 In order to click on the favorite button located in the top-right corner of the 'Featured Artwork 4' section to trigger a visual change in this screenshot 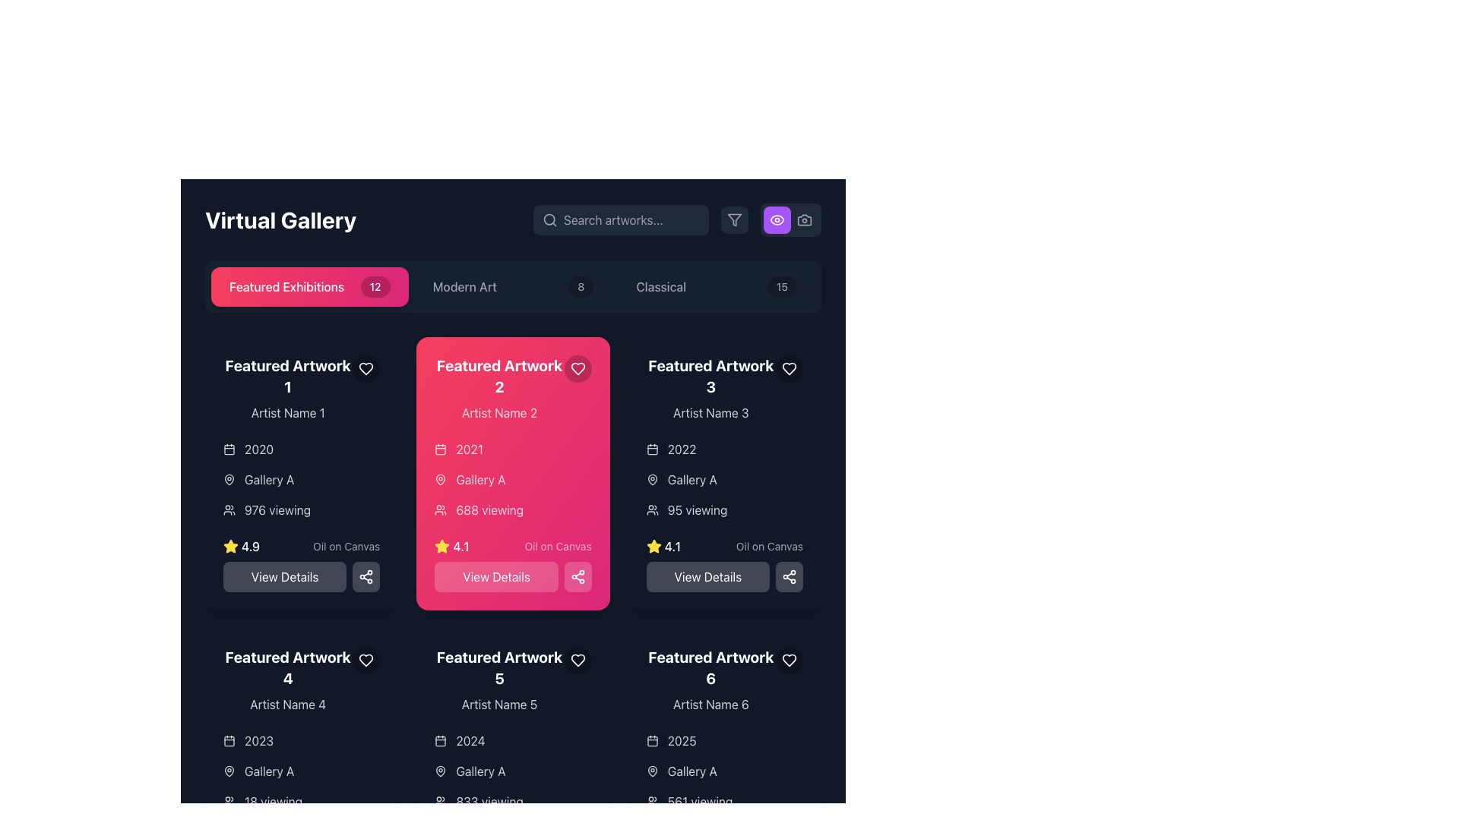, I will do `click(366, 660)`.